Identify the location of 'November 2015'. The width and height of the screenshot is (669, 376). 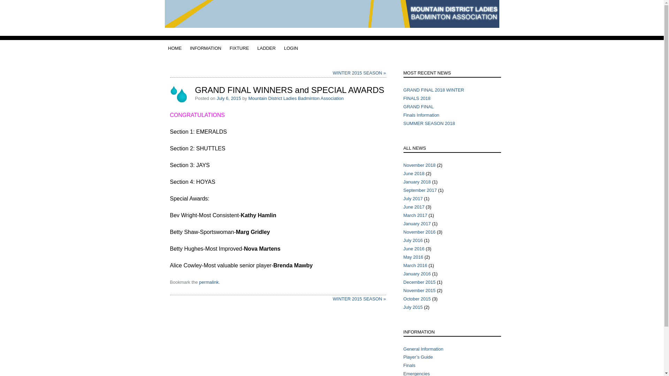
(419, 290).